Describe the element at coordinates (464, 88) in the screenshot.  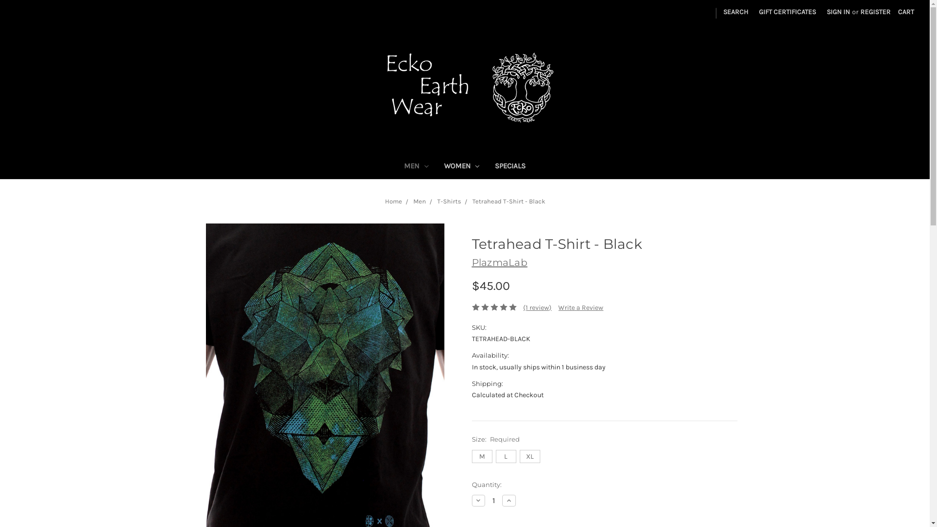
I see `'Ecko Earth Wear'` at that location.